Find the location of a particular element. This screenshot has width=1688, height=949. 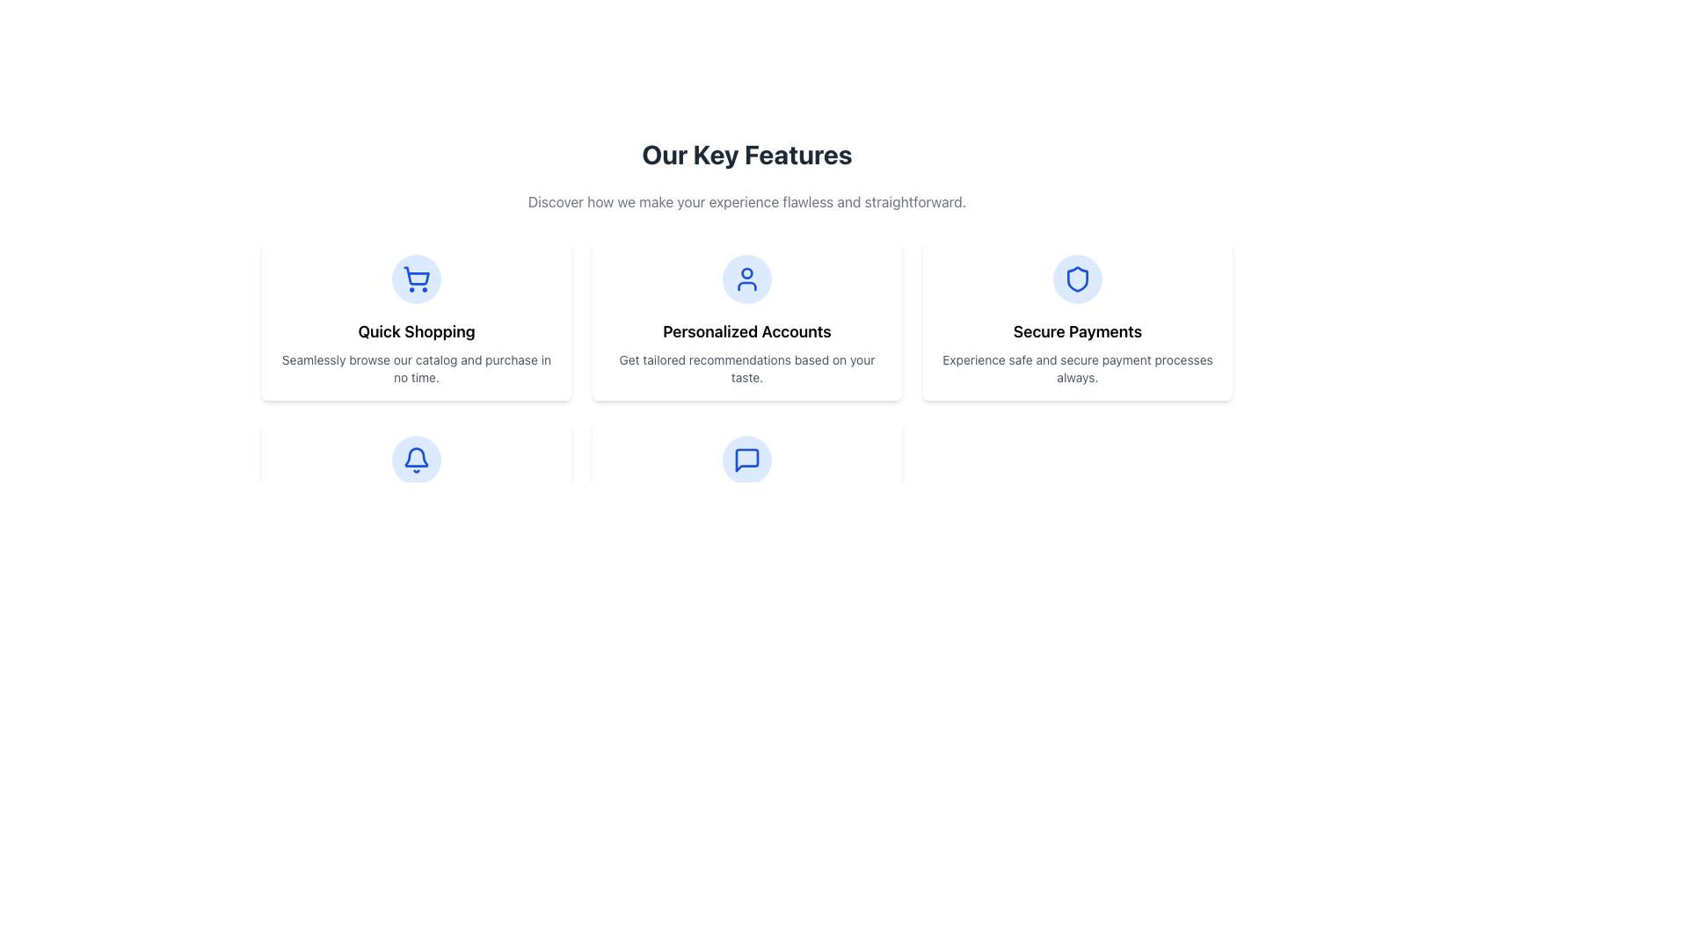

the communication or messaging icon located in the 'Our Key Features' section, which is the third icon from the left is located at coordinates (746, 460).